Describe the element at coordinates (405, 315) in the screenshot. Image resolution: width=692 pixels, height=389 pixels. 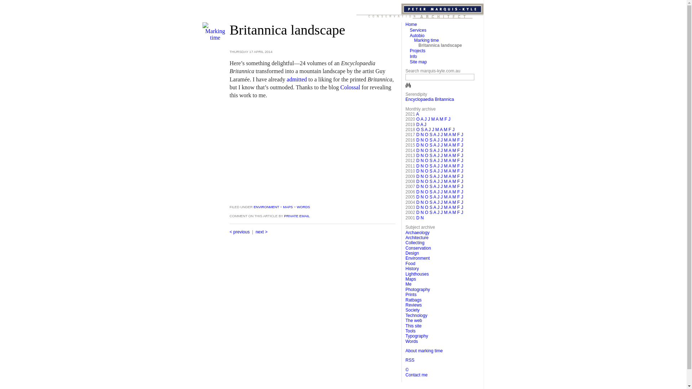
I see `'Technology'` at that location.